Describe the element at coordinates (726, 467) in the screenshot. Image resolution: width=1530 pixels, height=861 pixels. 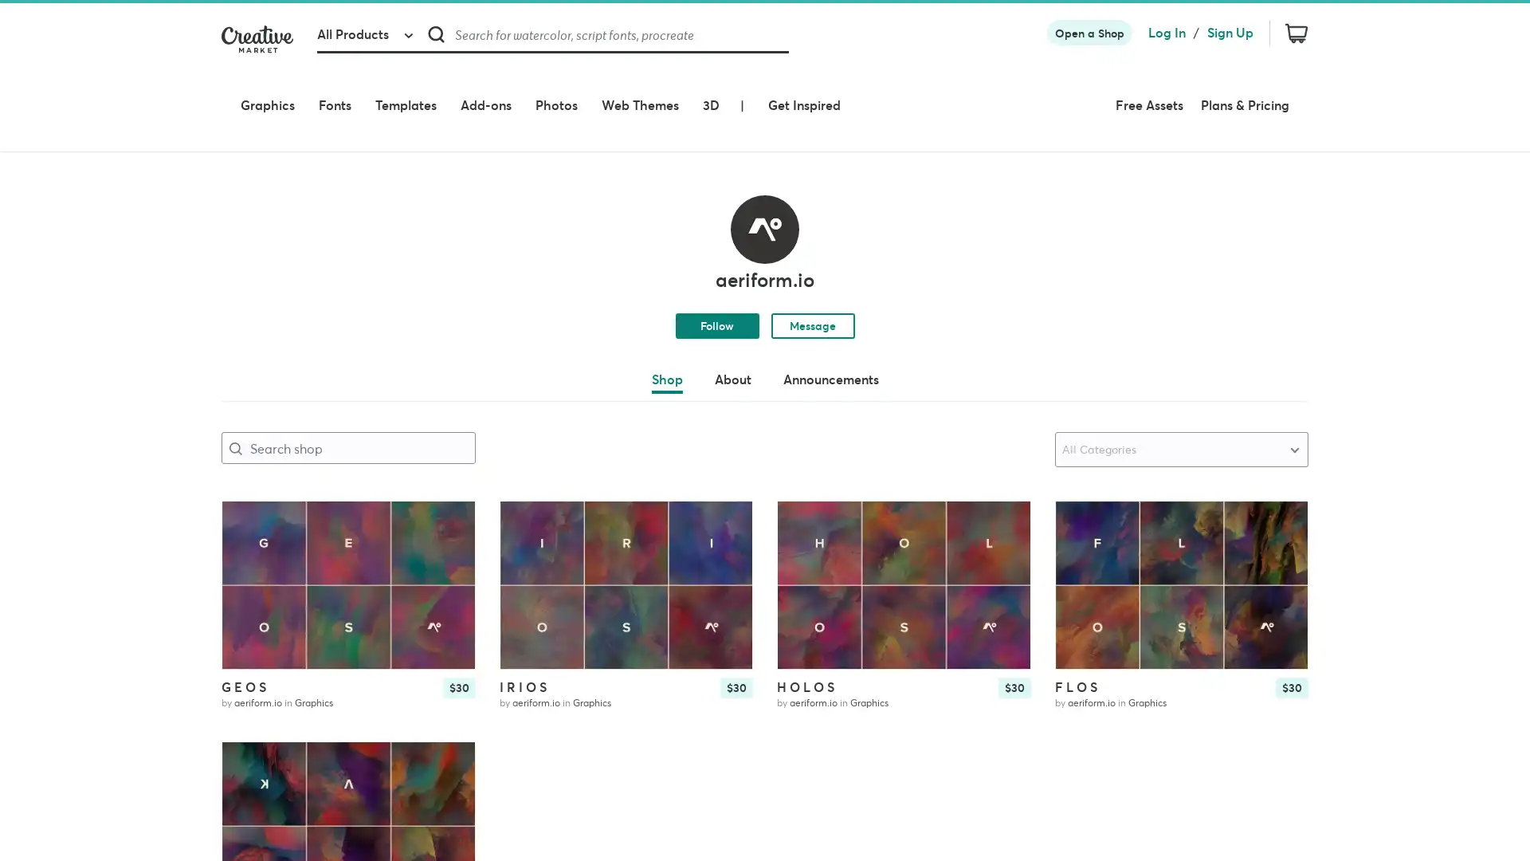
I see `Like` at that location.